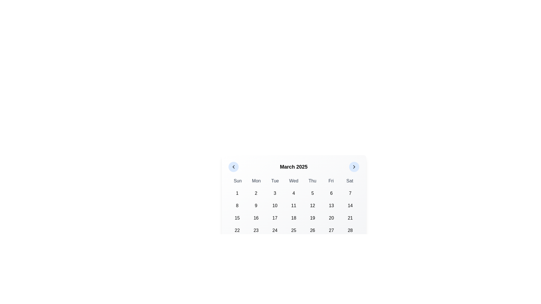  Describe the element at coordinates (354, 167) in the screenshot. I see `the right-facing chevron icon embedded in the circular button with a light blue background, located at the top-right corner of the calendar interface for March 2025, to check for any animation or visual changes` at that location.